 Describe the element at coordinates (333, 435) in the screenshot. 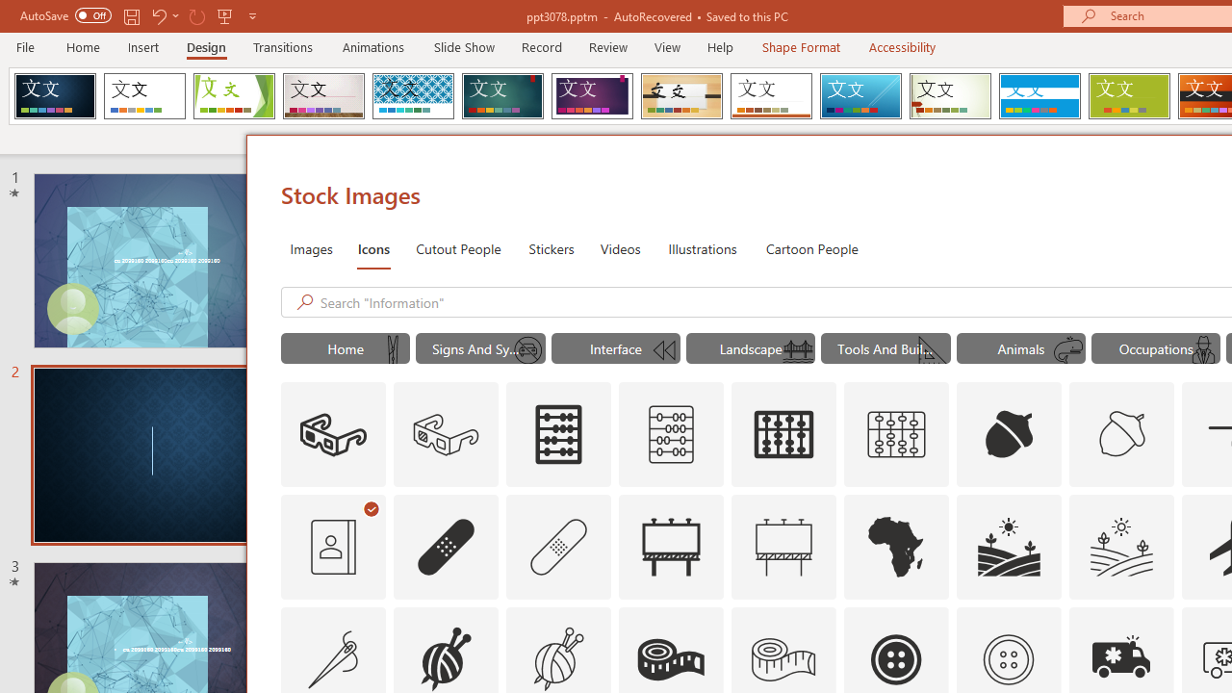

I see `'AutomationID: Icons_3dGlasses'` at that location.